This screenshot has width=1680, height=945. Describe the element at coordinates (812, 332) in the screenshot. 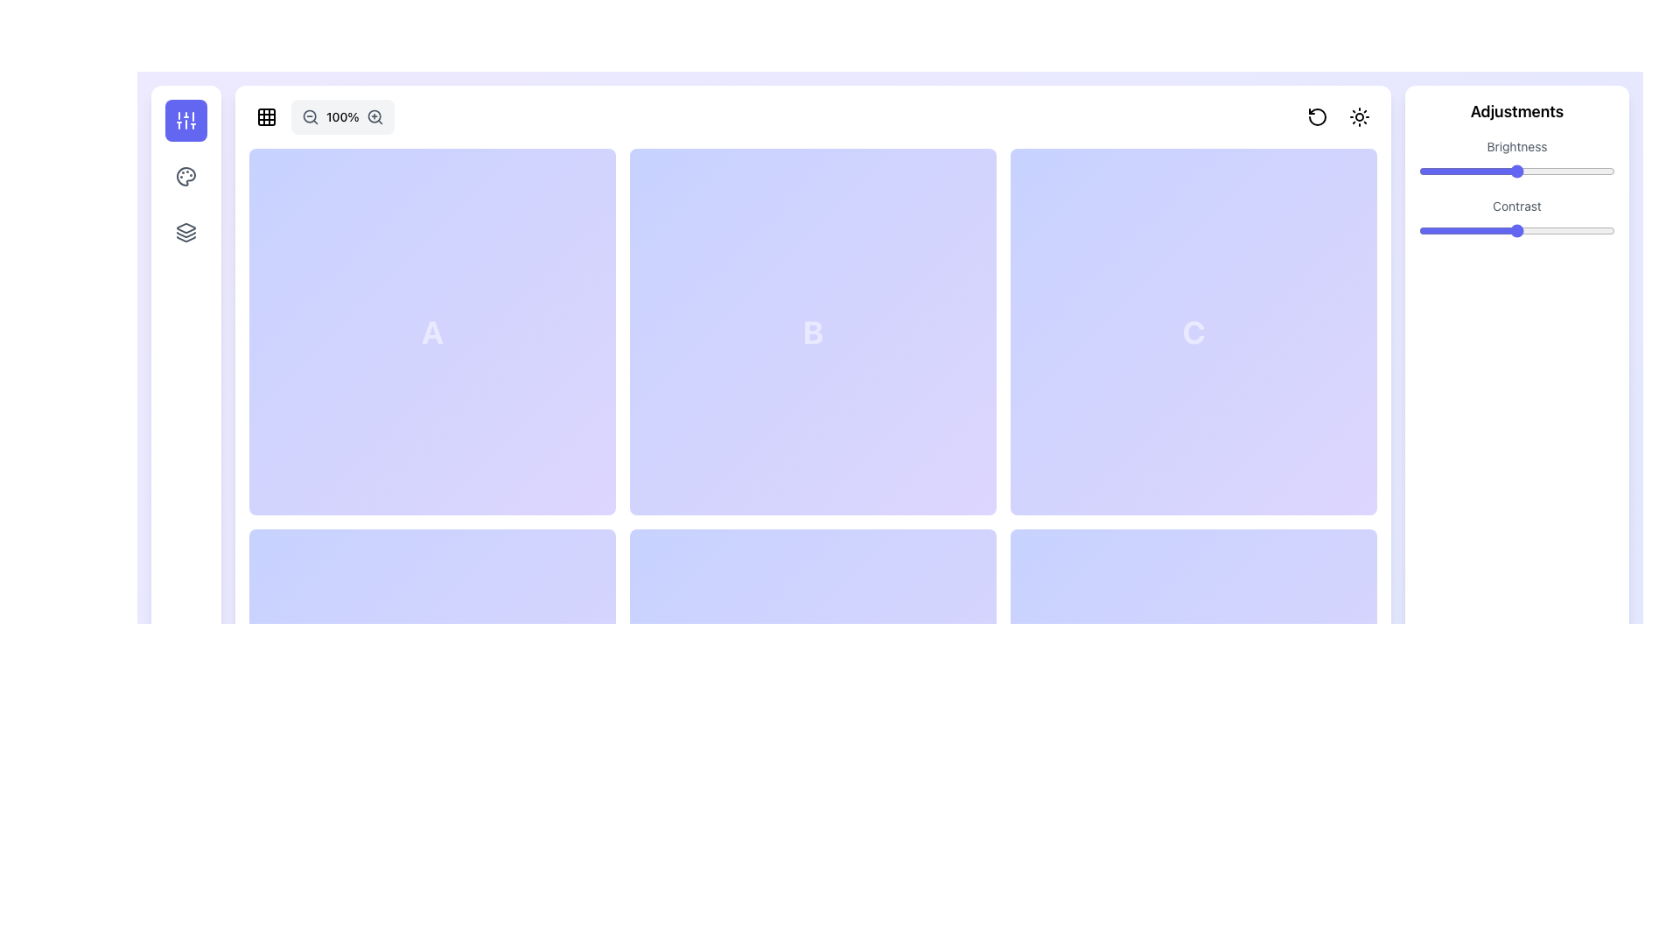

I see `the button centered in the purple tile labeled 'B'` at that location.